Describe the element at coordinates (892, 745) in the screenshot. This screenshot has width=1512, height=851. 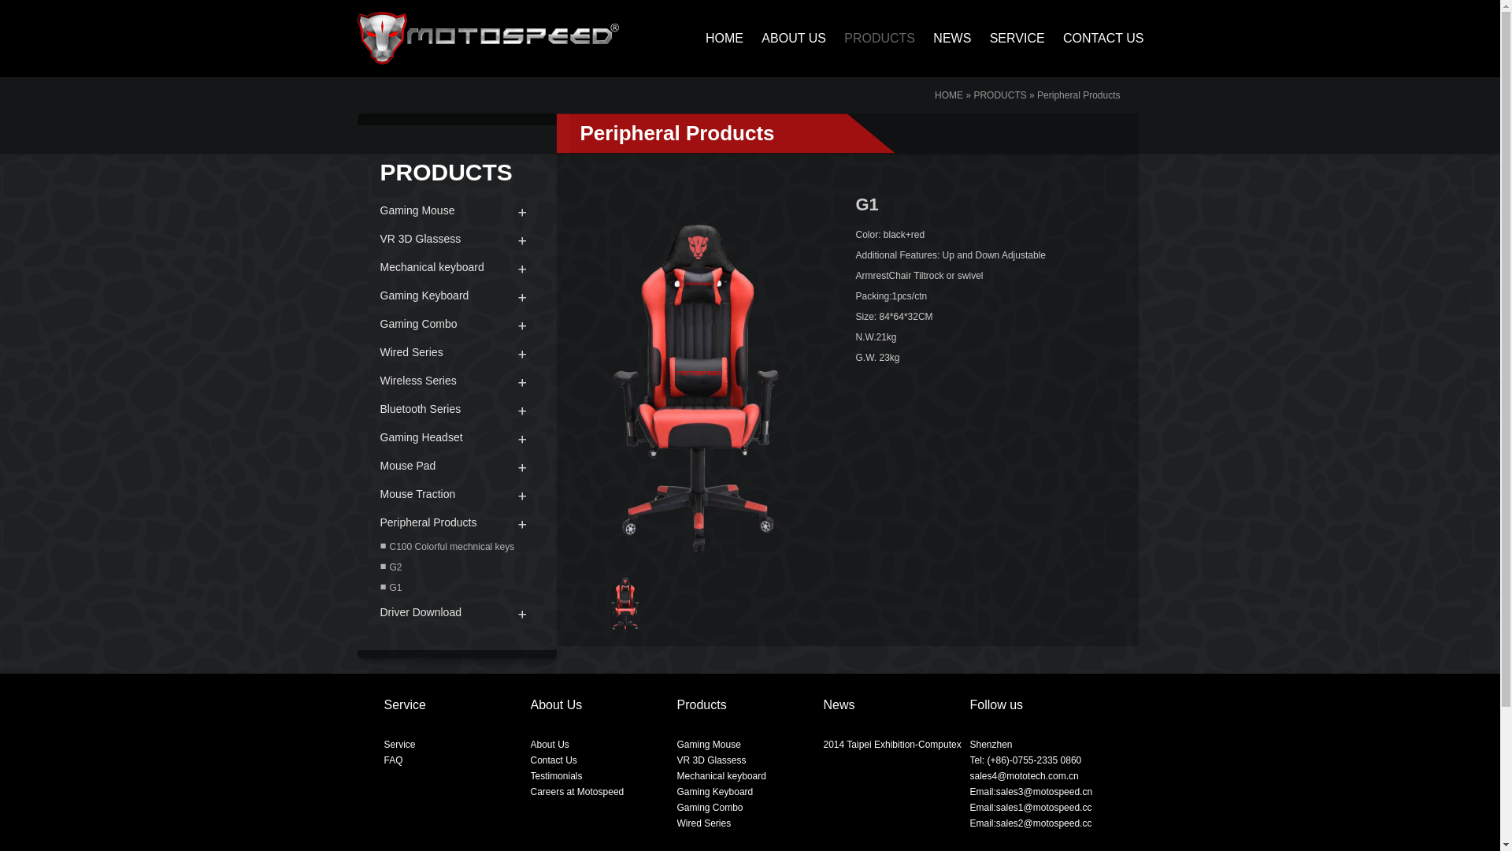
I see `'2014 Taipei Exhibition-Computex'` at that location.